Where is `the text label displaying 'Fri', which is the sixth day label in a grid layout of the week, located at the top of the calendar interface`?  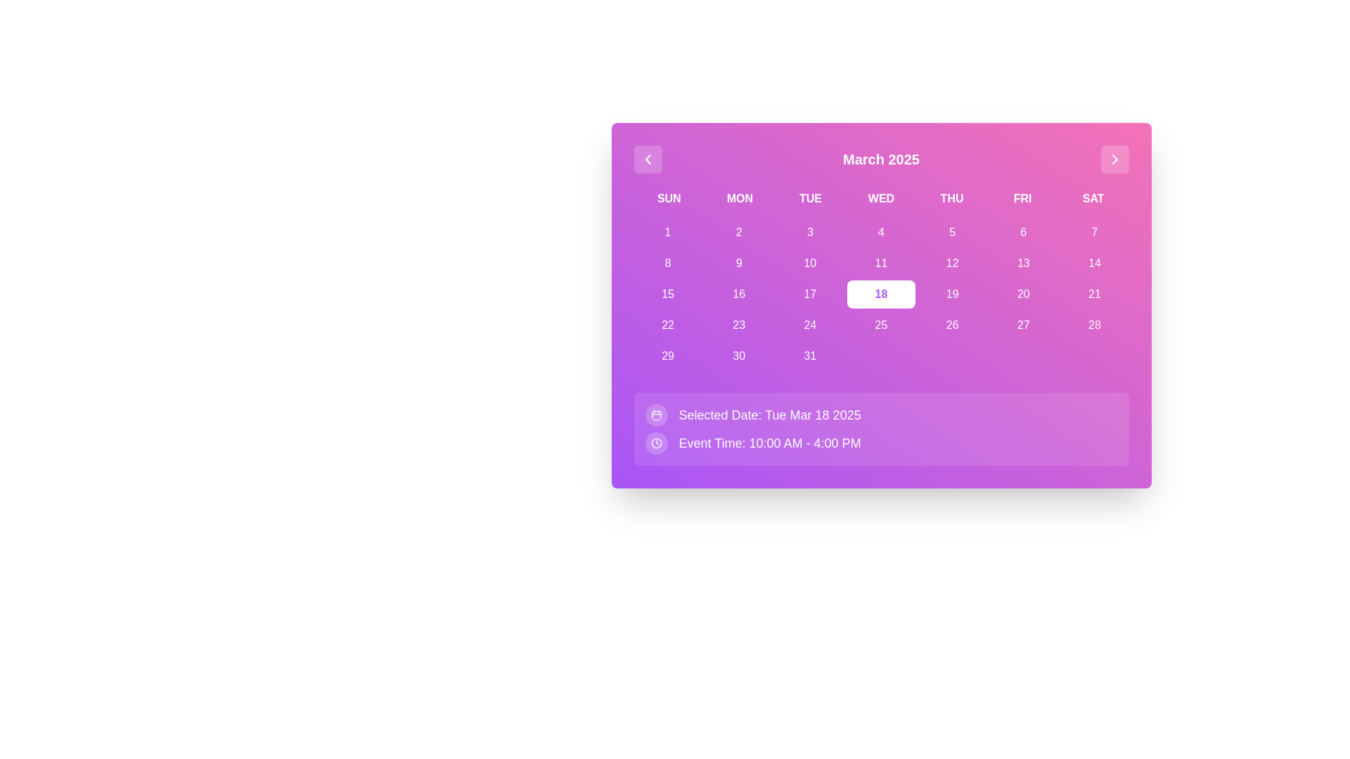
the text label displaying 'Fri', which is the sixth day label in a grid layout of the week, located at the top of the calendar interface is located at coordinates (1022, 198).